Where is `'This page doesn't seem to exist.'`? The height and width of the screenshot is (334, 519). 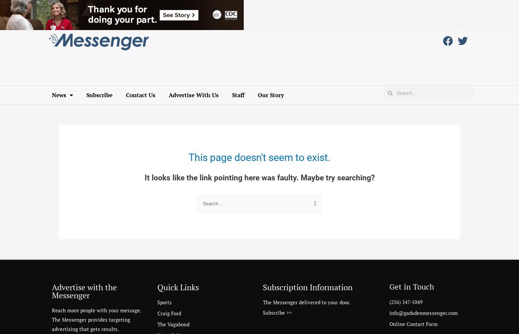 'This page doesn't seem to exist.' is located at coordinates (259, 157).